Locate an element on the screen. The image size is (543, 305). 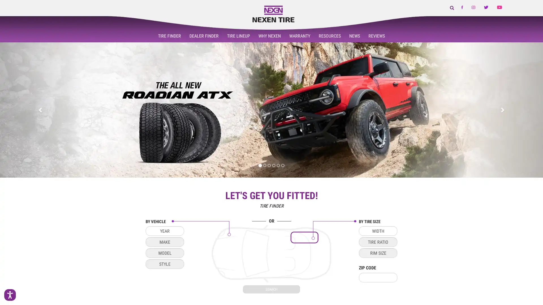
SEARCH is located at coordinates (271, 289).